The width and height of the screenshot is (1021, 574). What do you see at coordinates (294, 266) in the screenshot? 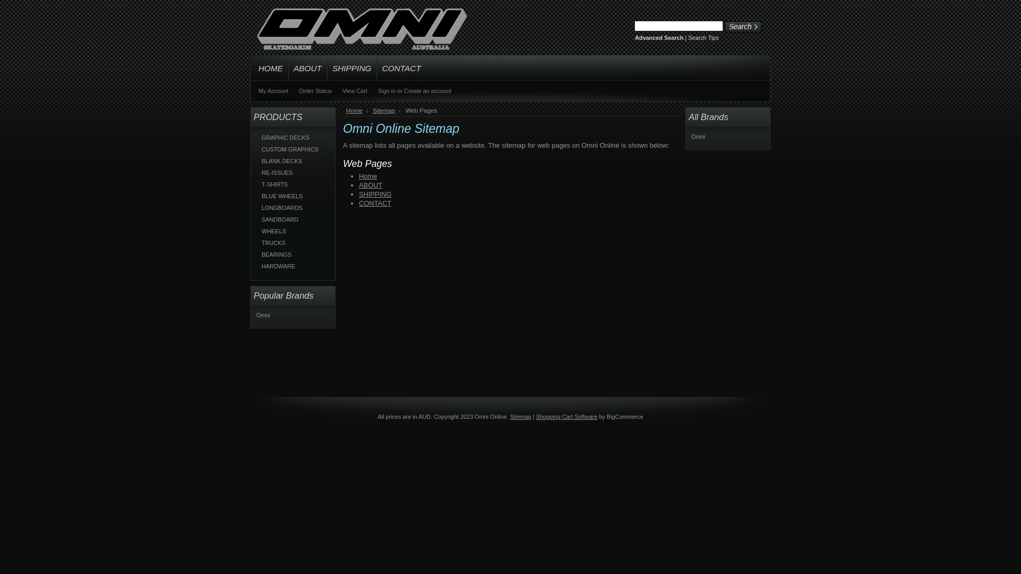
I see `'HARDWARE'` at bounding box center [294, 266].